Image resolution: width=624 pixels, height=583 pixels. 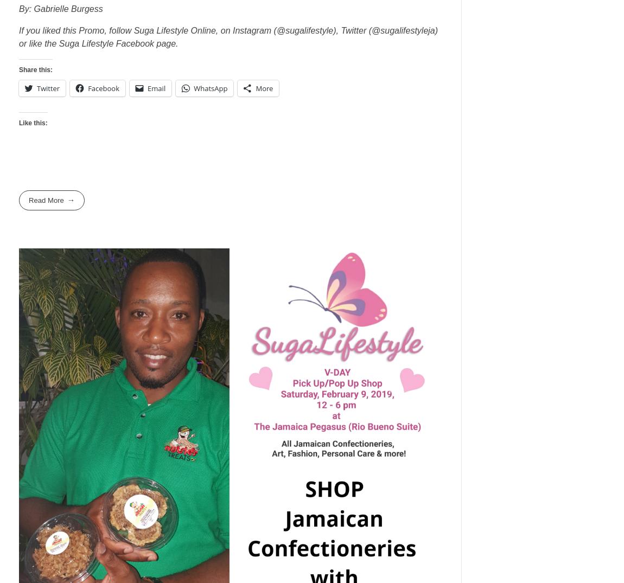 What do you see at coordinates (18, 8) in the screenshot?
I see `'By: Gabrielle Burgess'` at bounding box center [18, 8].